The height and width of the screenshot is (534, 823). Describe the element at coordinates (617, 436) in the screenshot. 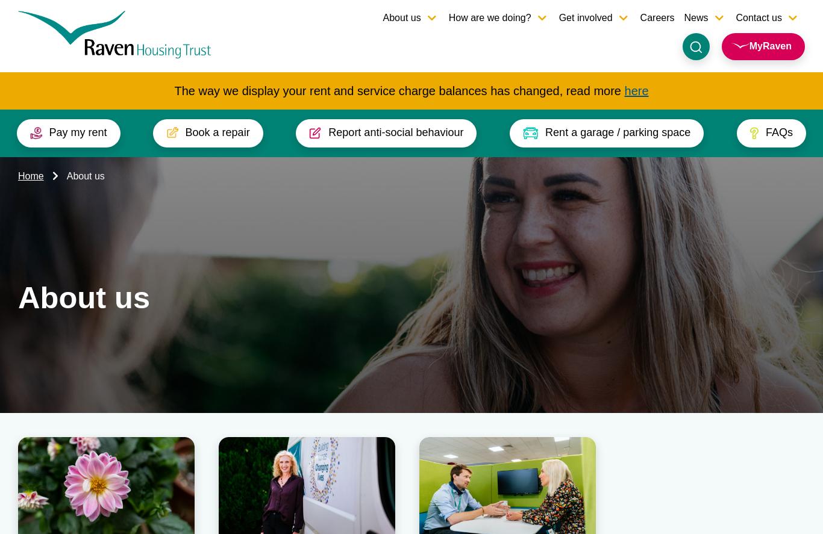

I see `'Modern slavery statement'` at that location.